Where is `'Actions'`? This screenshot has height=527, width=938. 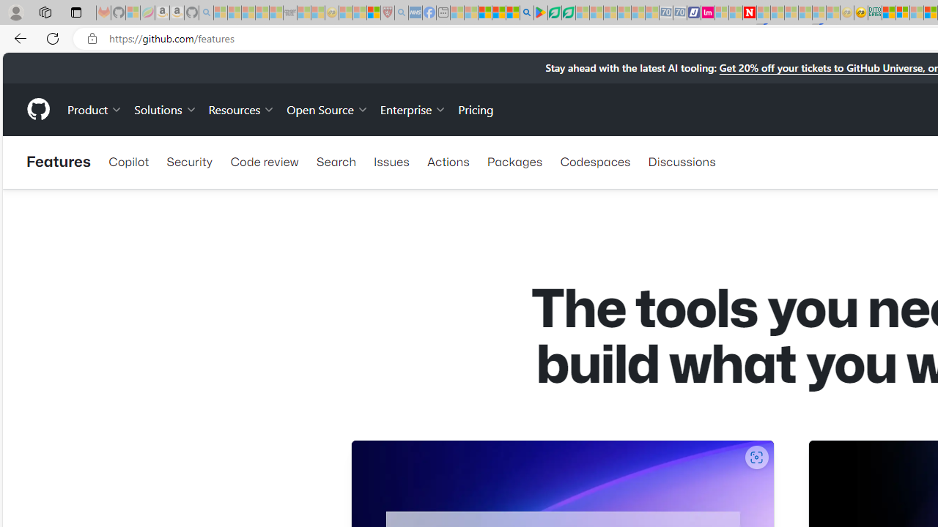 'Actions' is located at coordinates (447, 162).